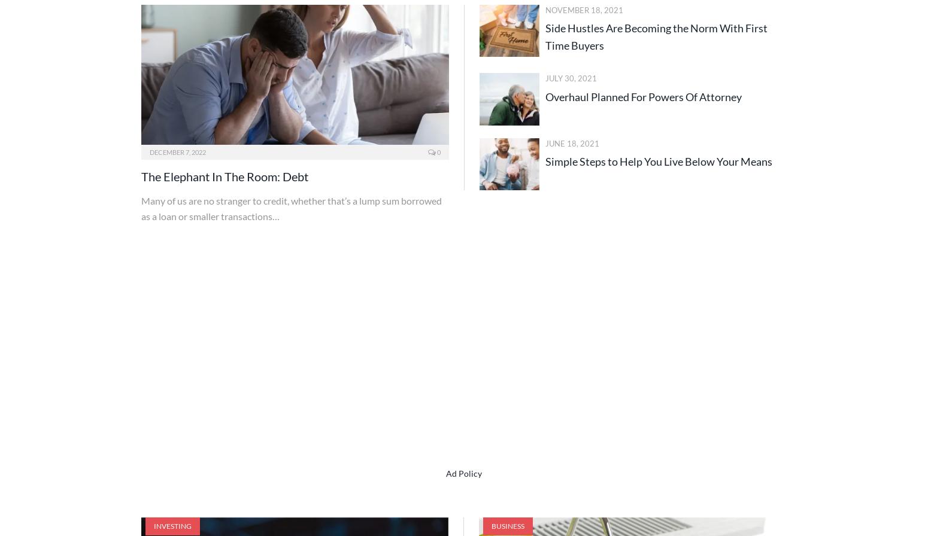 The width and height of the screenshot is (928, 536). What do you see at coordinates (507, 525) in the screenshot?
I see `'Business'` at bounding box center [507, 525].